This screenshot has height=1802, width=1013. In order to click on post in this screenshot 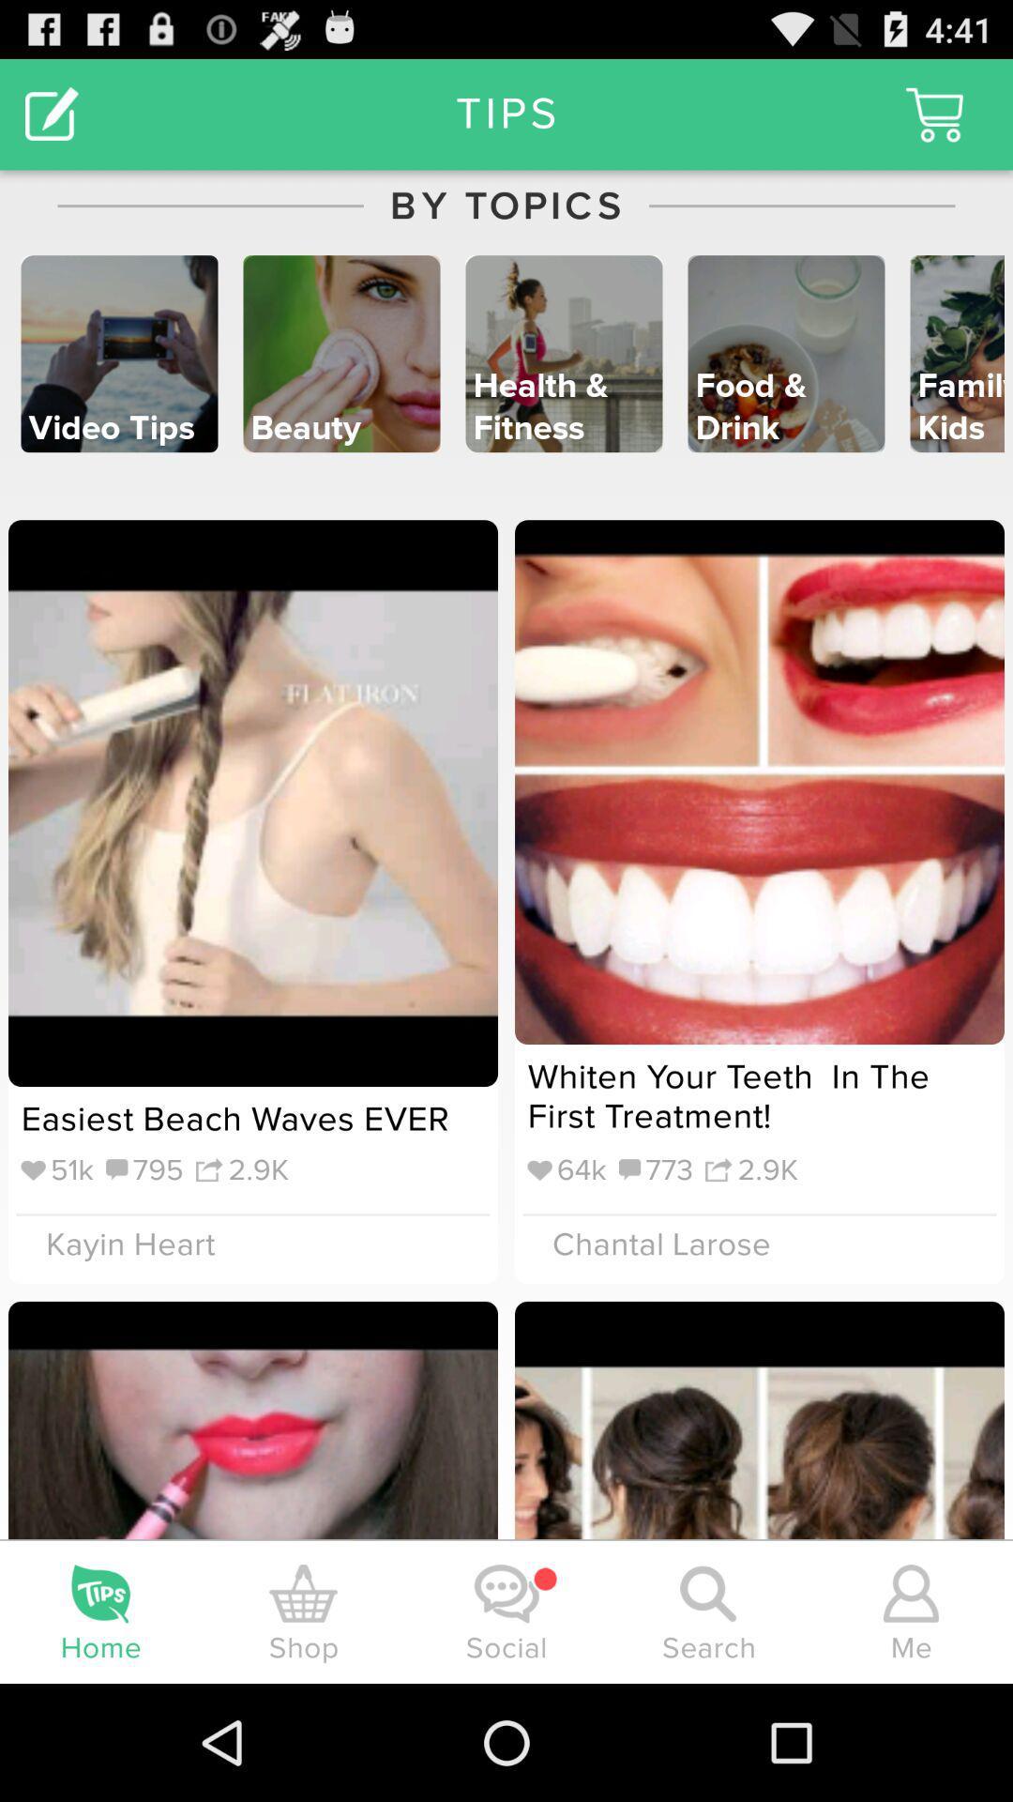, I will do `click(51, 113)`.